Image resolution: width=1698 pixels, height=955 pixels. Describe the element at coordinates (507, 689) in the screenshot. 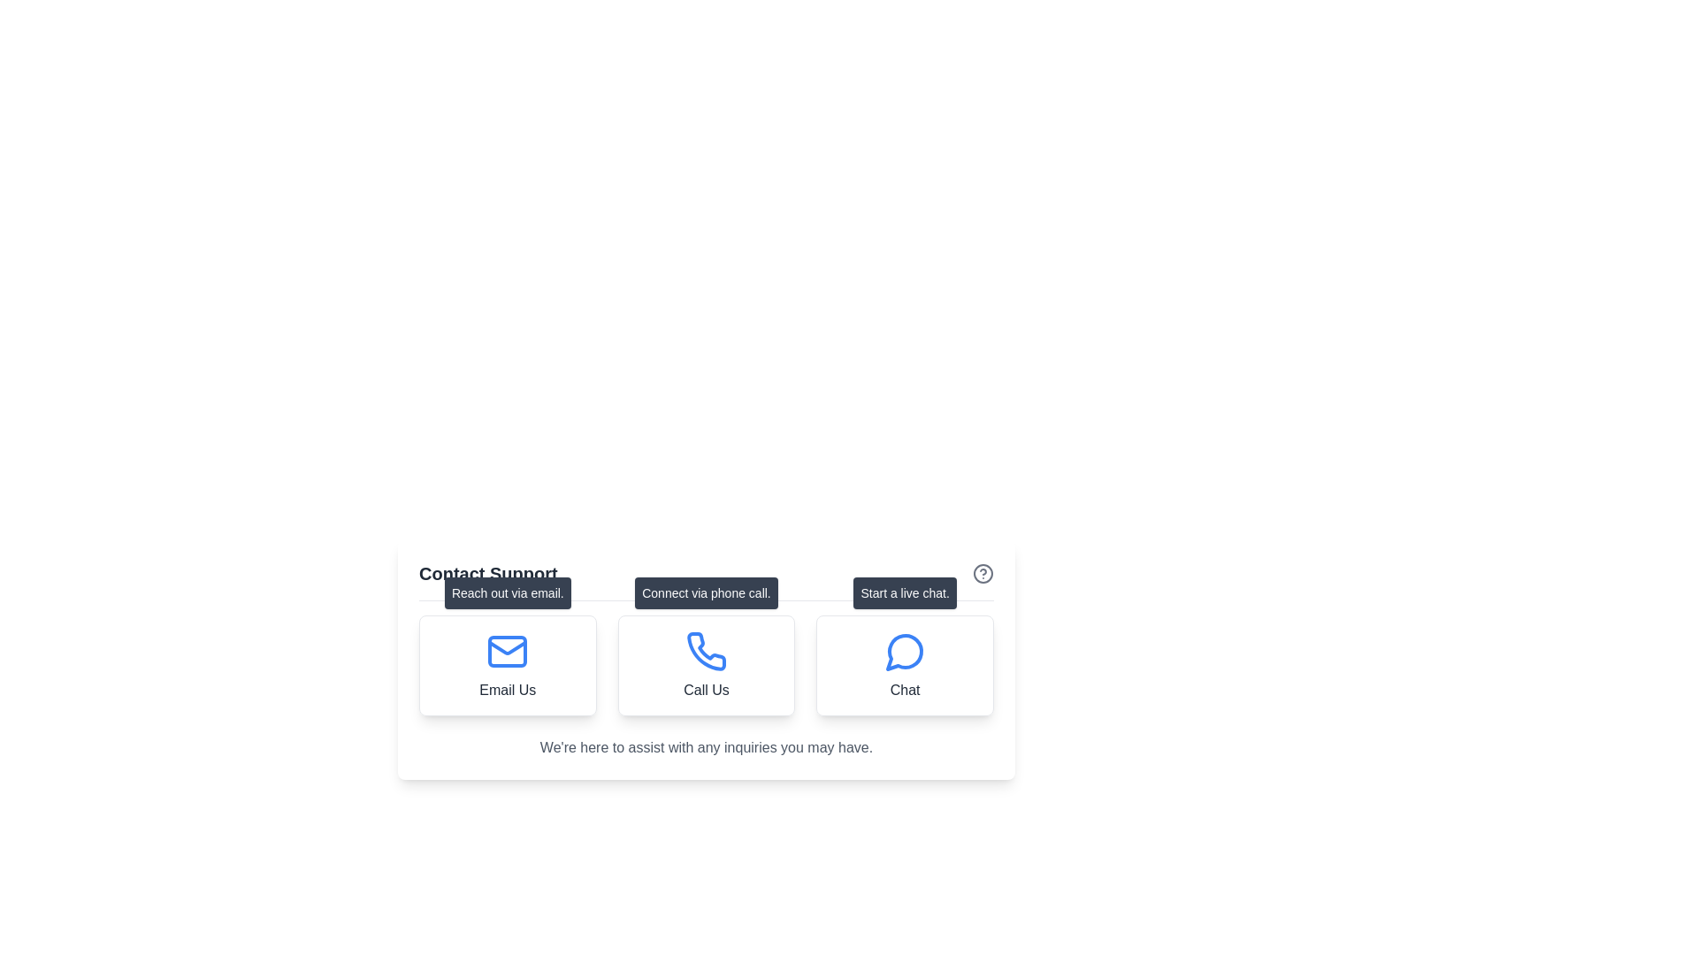

I see `the text label that indicates the email contact information, located below the email icon in the first option card under 'Contact Support'` at that location.